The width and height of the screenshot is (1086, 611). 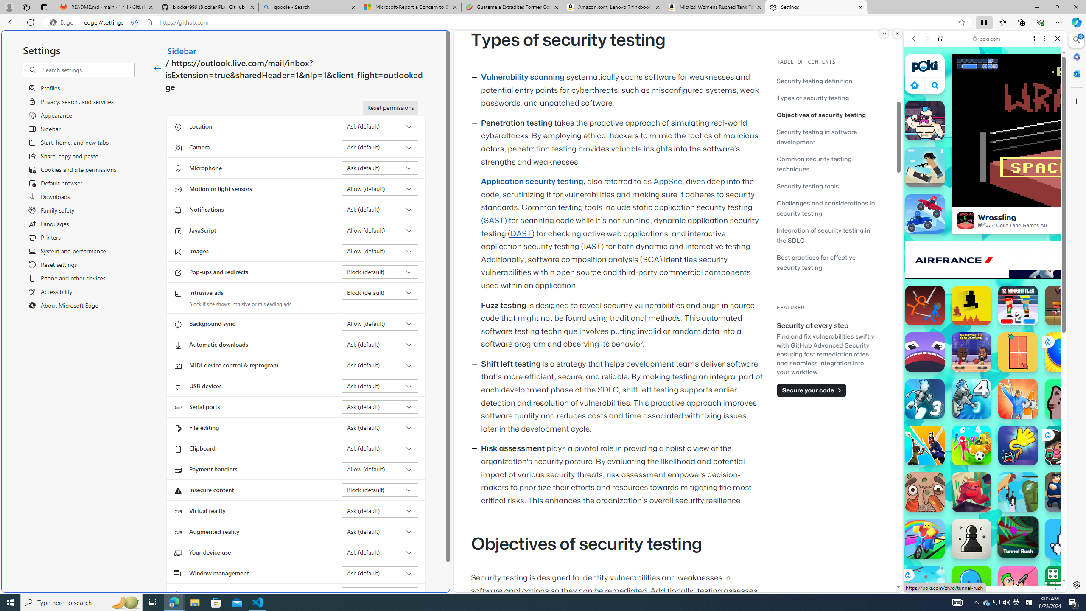 I want to click on 'Classic Chess Classic Chess', so click(x=971, y=538).